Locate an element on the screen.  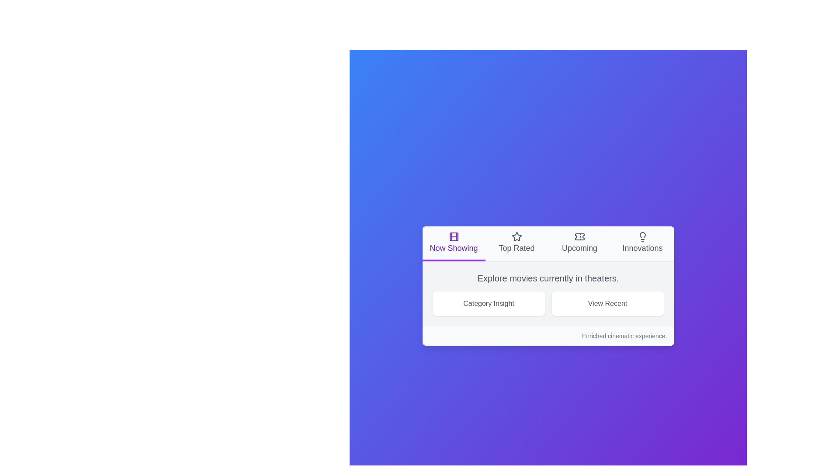
the text label located on the far right of the navigation bar is located at coordinates (642, 248).